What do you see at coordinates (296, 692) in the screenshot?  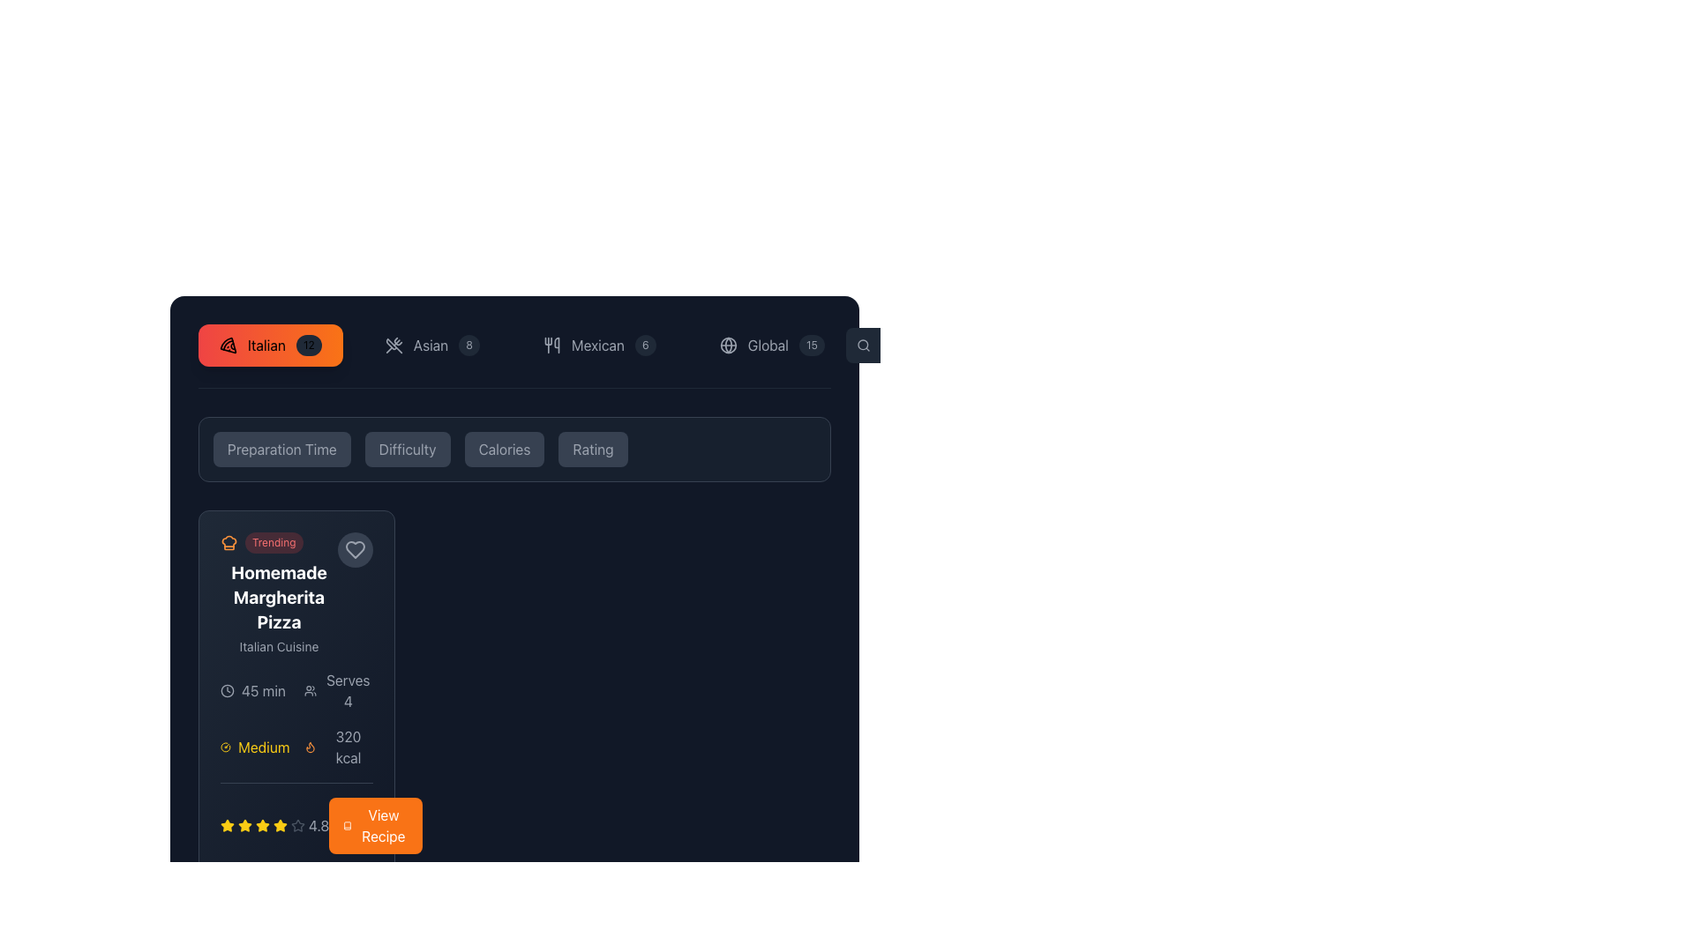 I see `displayed information about the recipe from the card located in the top-left corner of the grid layout, directly below the horizontal filter bar` at bounding box center [296, 692].